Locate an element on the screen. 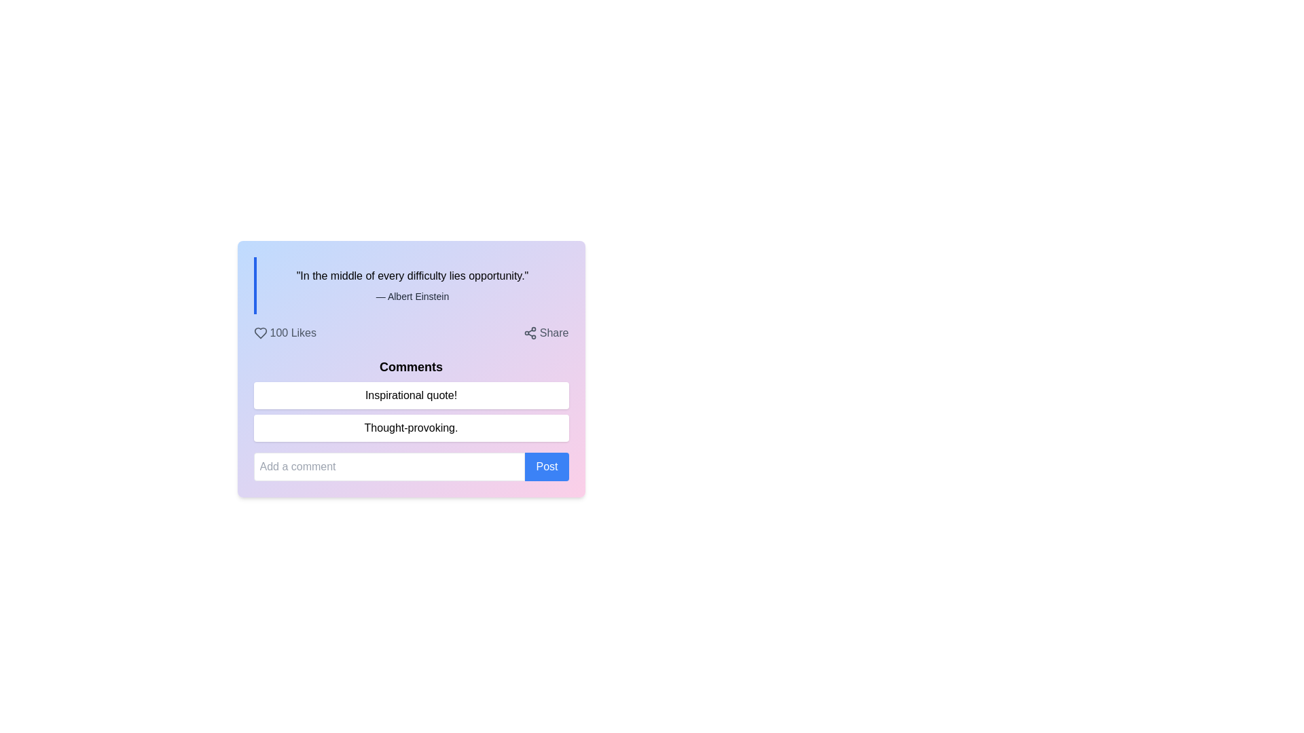 The width and height of the screenshot is (1304, 733). the button located at the far right of the comment section is located at coordinates (547, 466).